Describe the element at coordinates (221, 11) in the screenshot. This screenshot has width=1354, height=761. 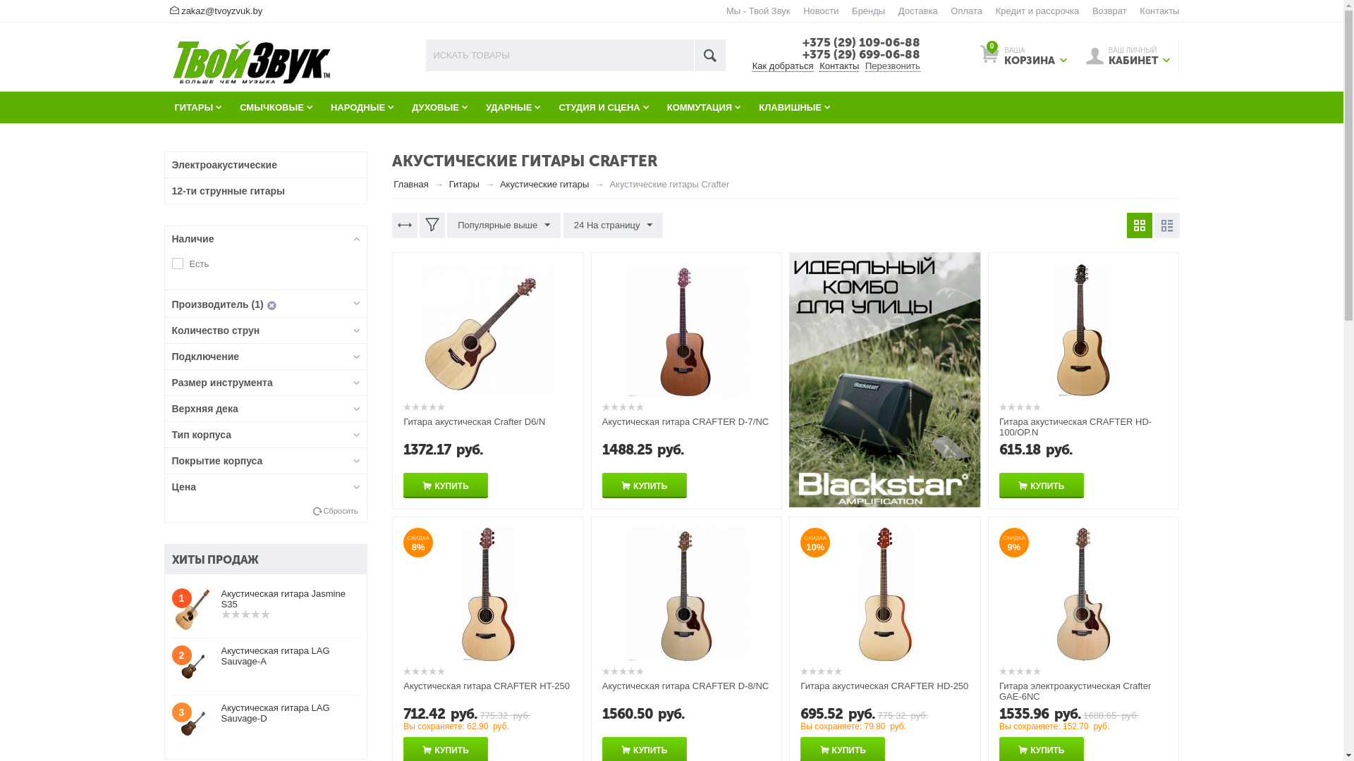
I see `'zakaz@tvoyzvuk.by'` at that location.